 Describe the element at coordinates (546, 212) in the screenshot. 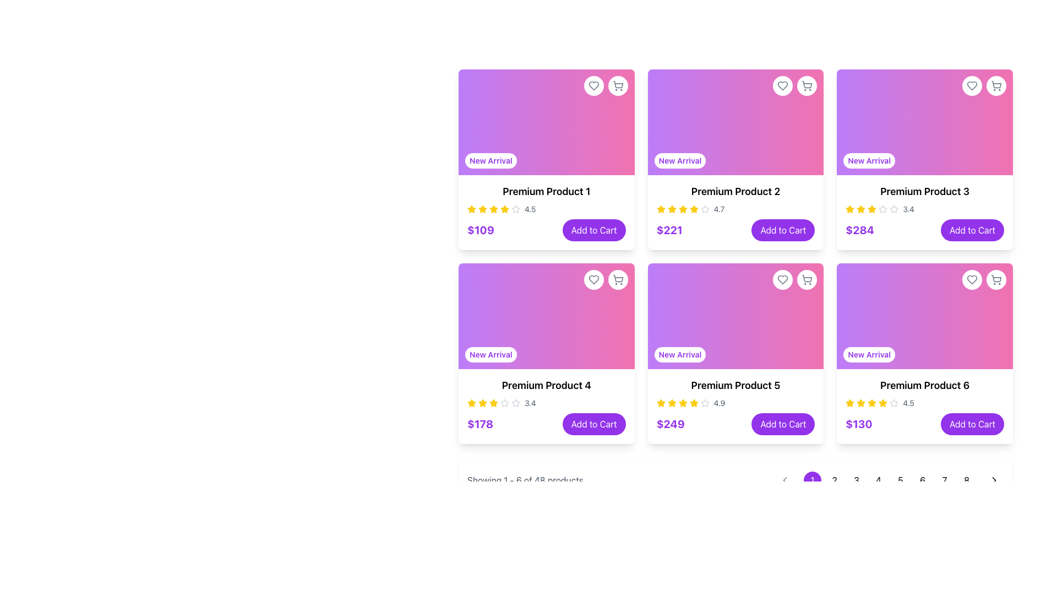

I see `the stars in the product card located at the top-left corner of the grid layout` at that location.